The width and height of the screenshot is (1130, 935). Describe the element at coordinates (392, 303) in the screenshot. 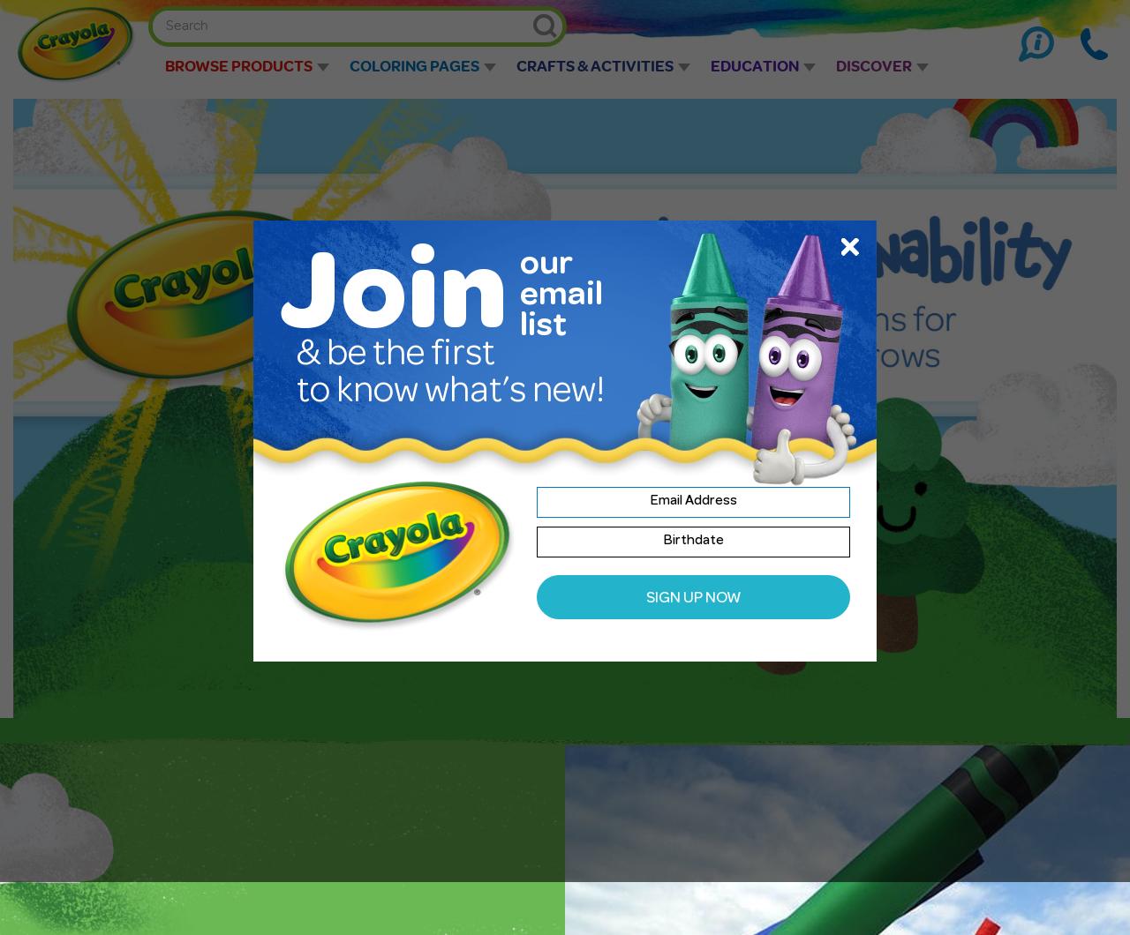

I see `'Join'` at that location.